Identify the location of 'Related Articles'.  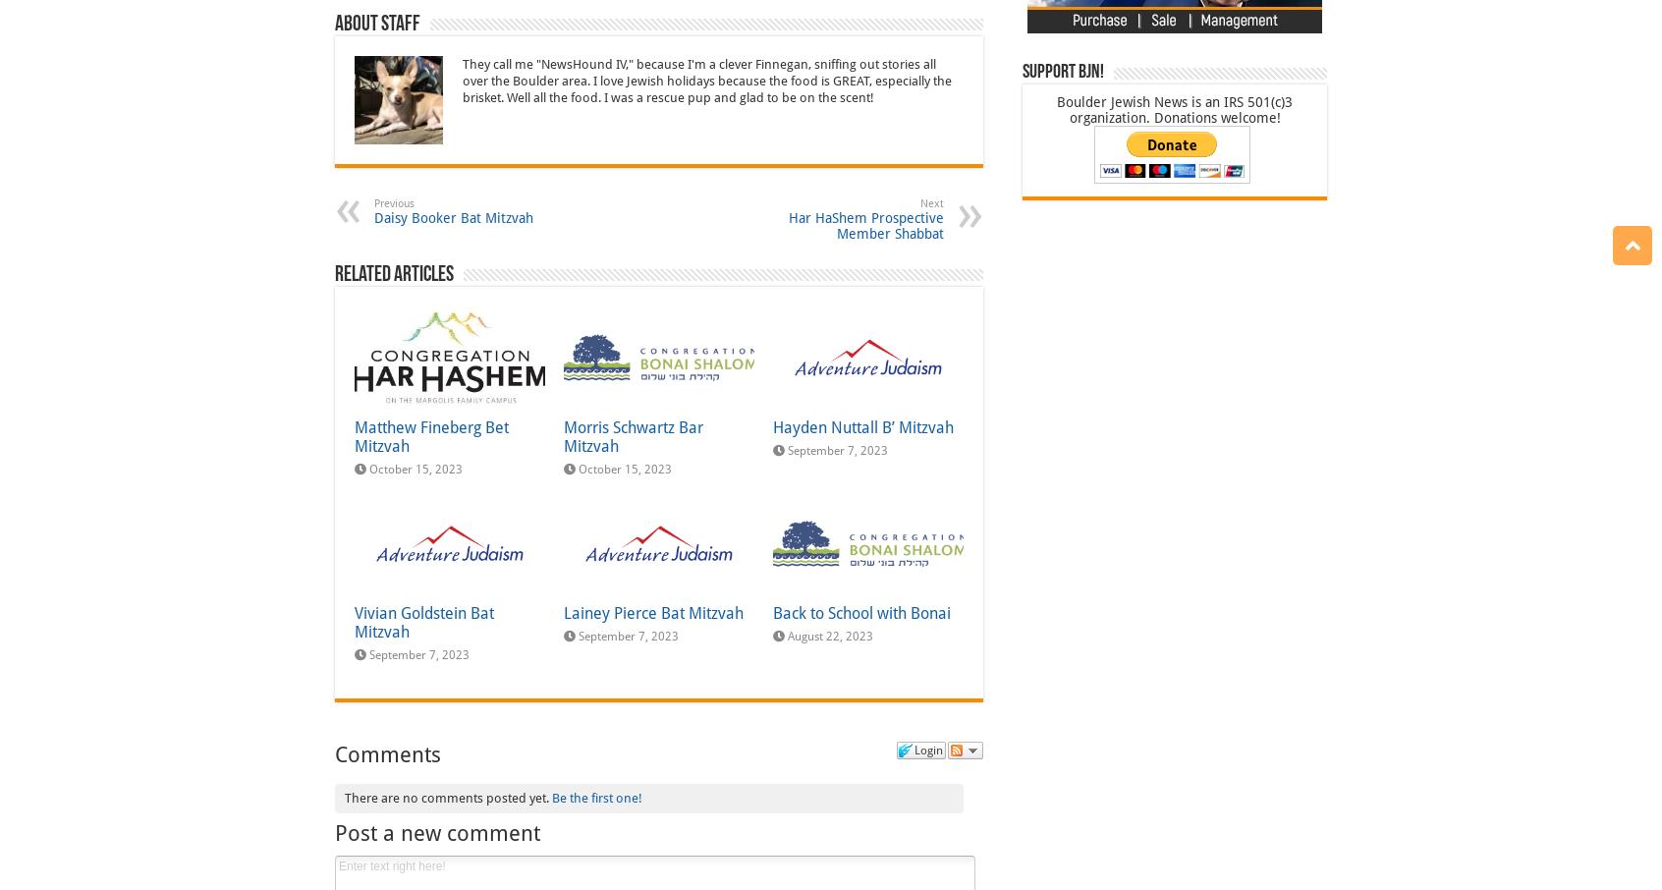
(394, 274).